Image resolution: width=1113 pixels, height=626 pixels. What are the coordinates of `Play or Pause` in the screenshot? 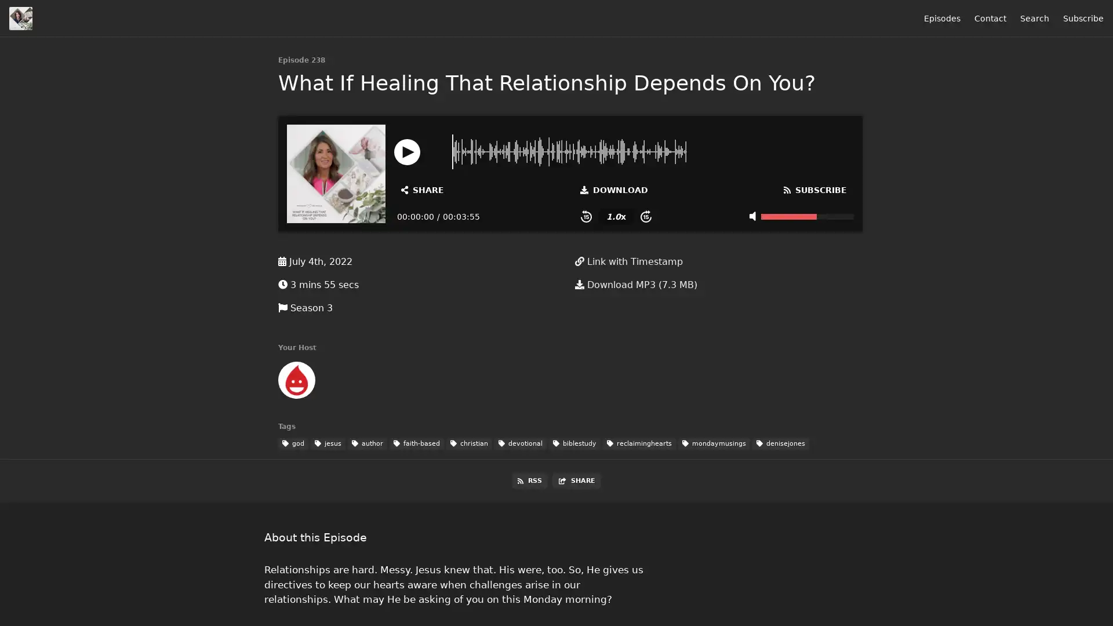 It's located at (407, 151).